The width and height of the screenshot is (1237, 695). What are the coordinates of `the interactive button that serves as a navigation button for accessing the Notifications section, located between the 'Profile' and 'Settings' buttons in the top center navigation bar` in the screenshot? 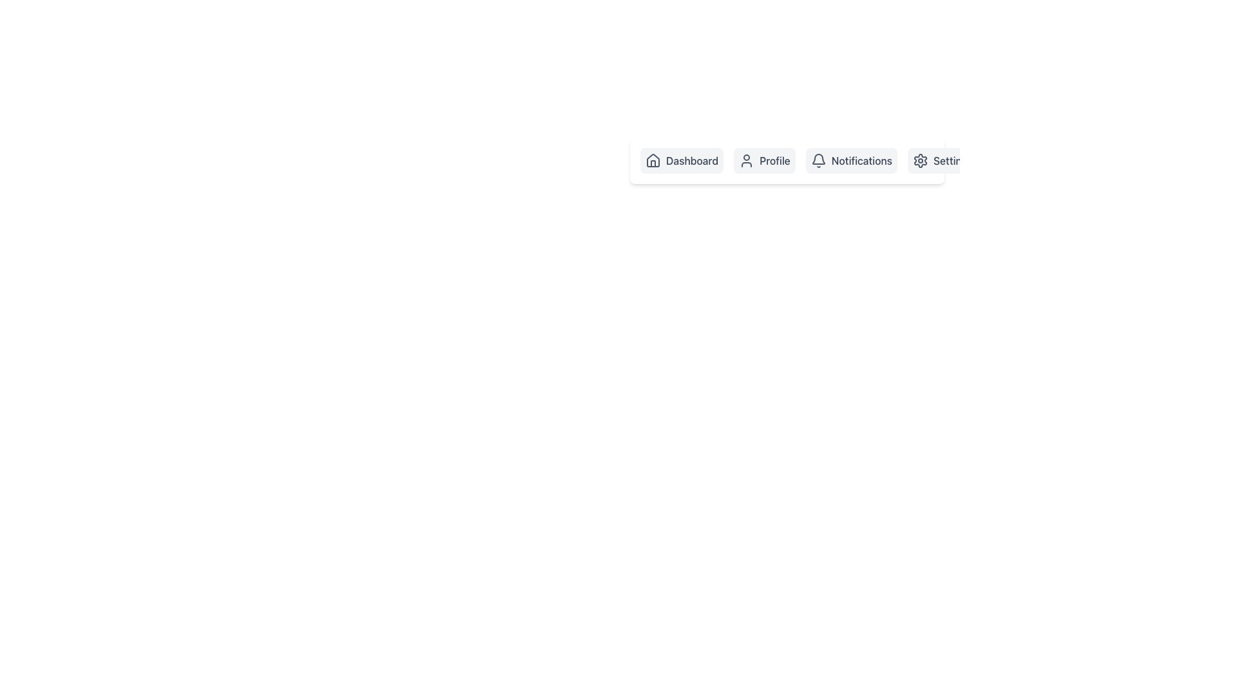 It's located at (851, 160).